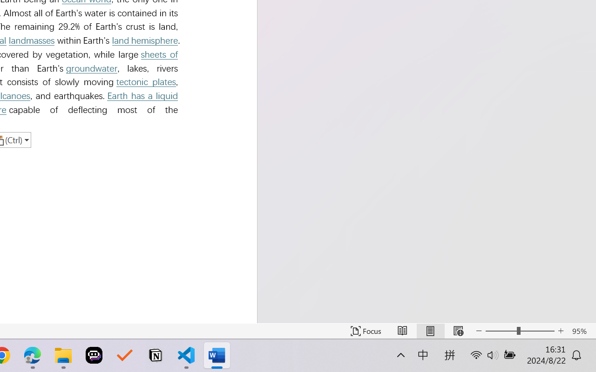 Image resolution: width=596 pixels, height=372 pixels. Describe the element at coordinates (31, 40) in the screenshot. I see `'landmasses'` at that location.